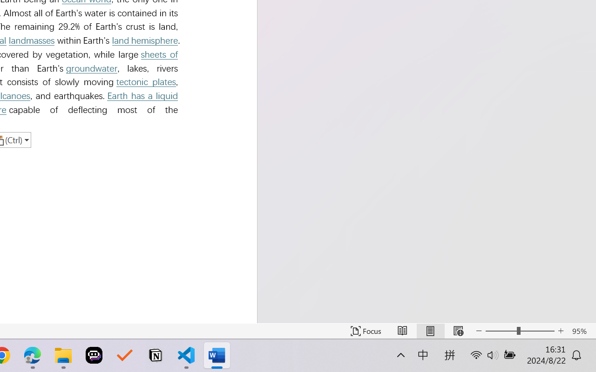 Image resolution: width=596 pixels, height=372 pixels. Describe the element at coordinates (31, 40) in the screenshot. I see `'landmasses'` at that location.